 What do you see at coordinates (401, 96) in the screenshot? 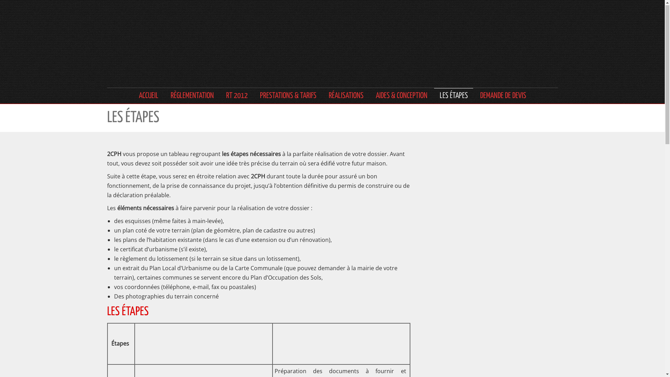
I see `'AIDES & CONCEPTION'` at bounding box center [401, 96].